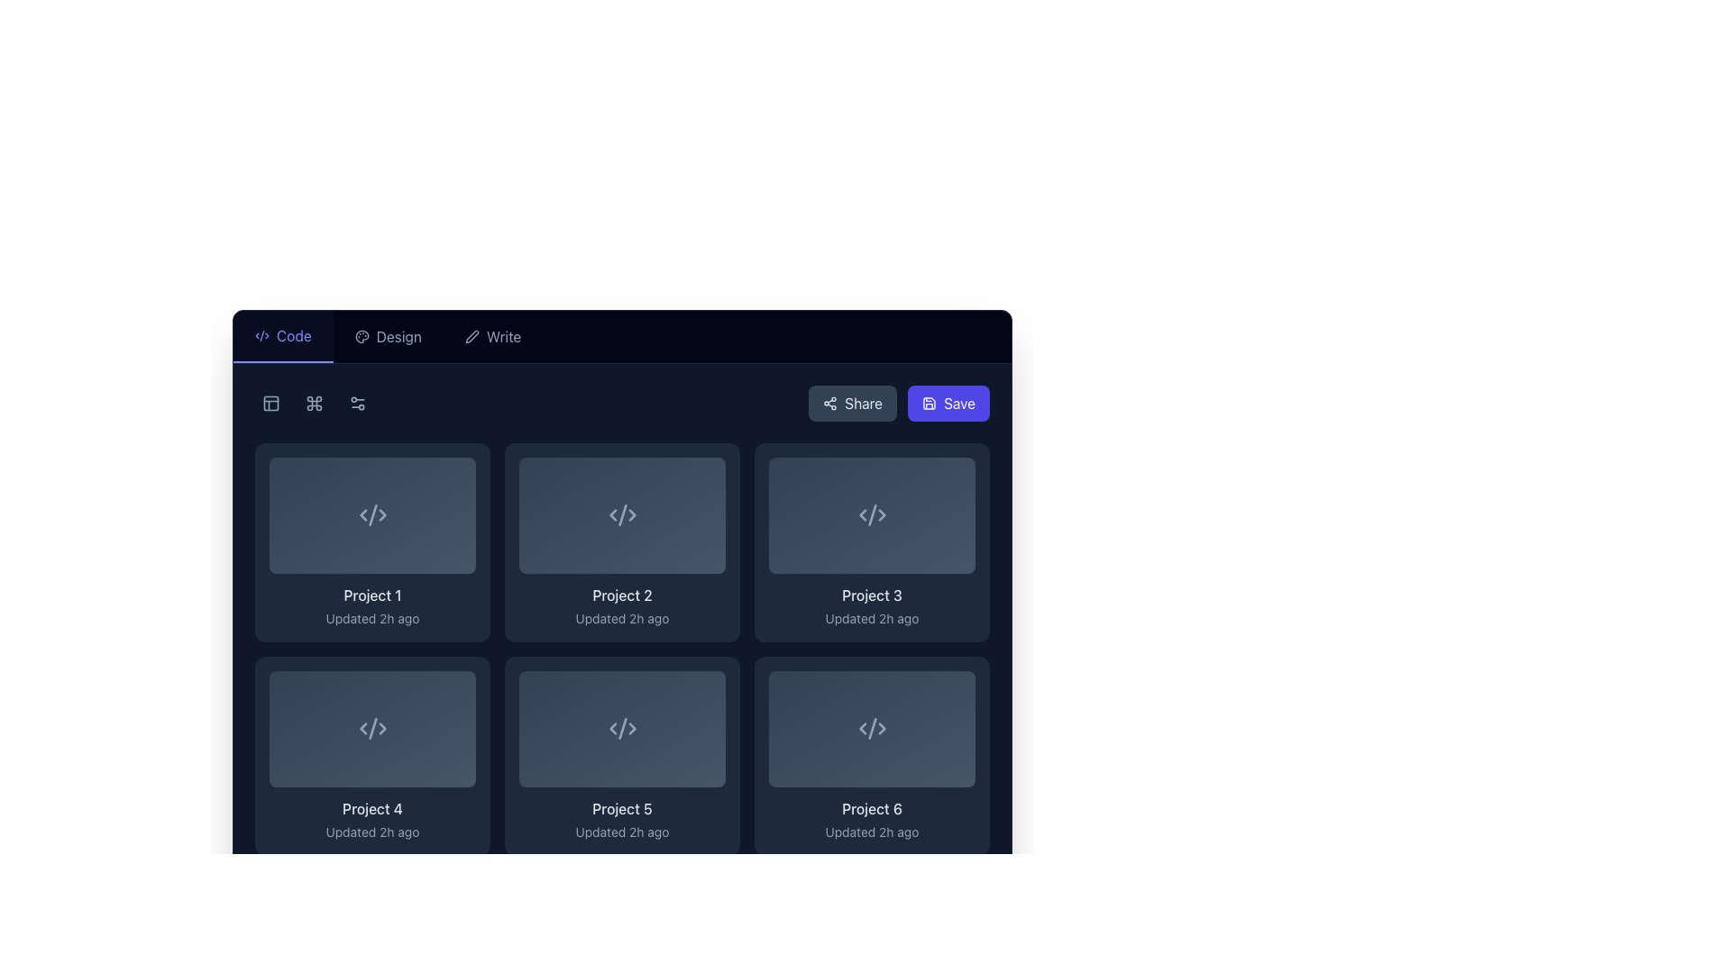 Image resolution: width=1731 pixels, height=973 pixels. I want to click on the project card labeled 'Project 5' located in the second row, middle column of the grid layout, so click(622, 756).